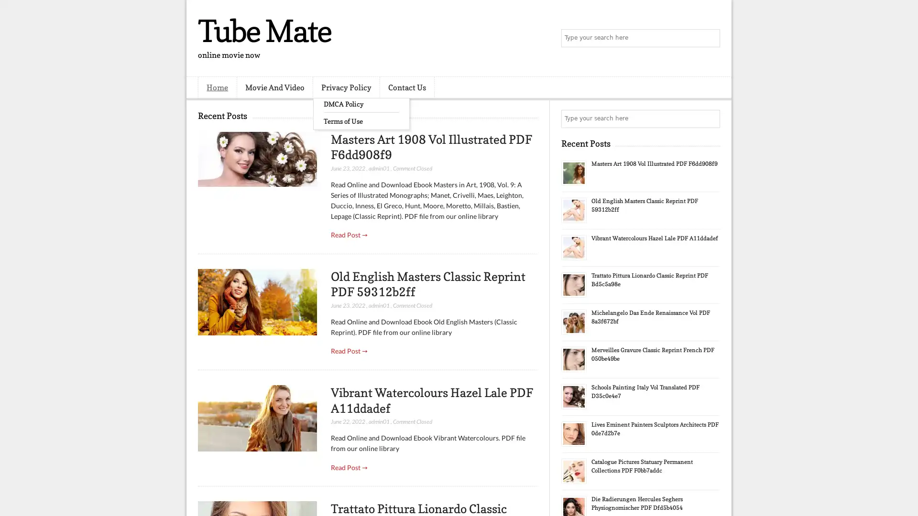 The width and height of the screenshot is (918, 516). I want to click on Search, so click(710, 38).